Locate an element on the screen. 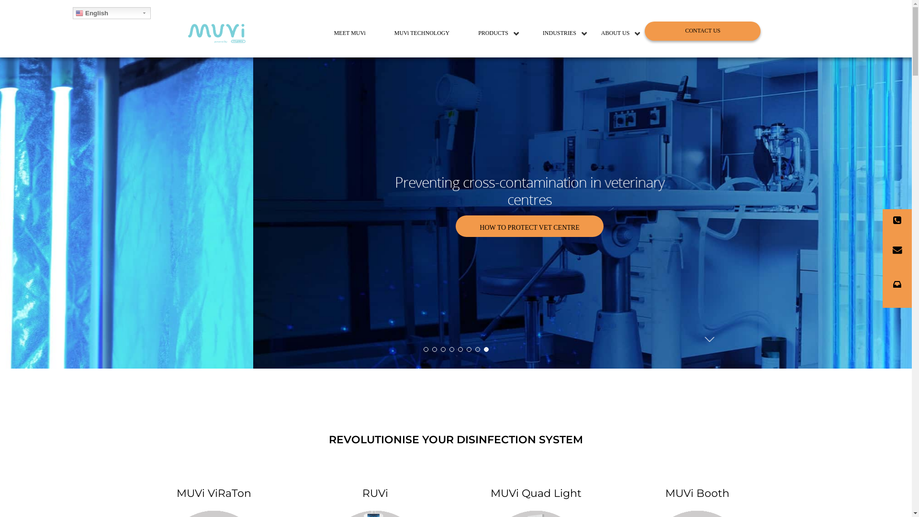  'English' is located at coordinates (112, 13).